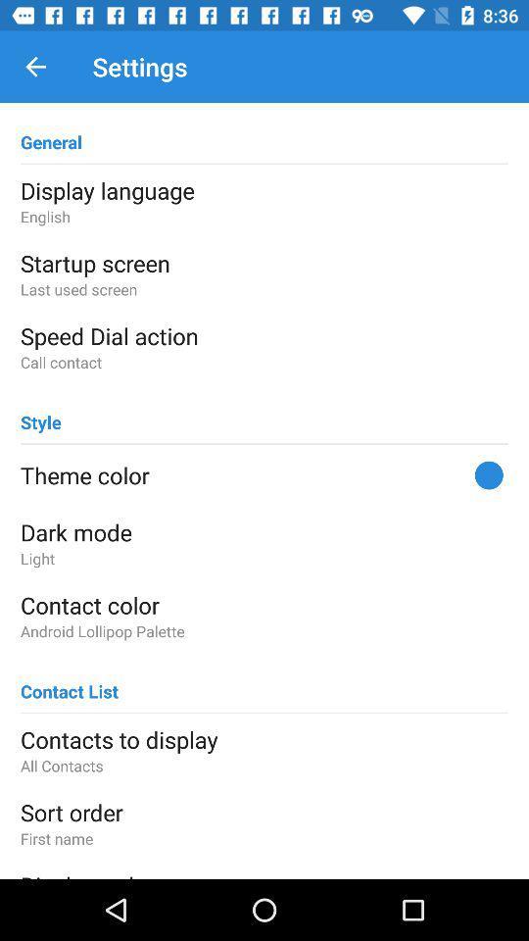 The image size is (529, 941). Describe the element at coordinates (264, 288) in the screenshot. I see `the last used screen` at that location.